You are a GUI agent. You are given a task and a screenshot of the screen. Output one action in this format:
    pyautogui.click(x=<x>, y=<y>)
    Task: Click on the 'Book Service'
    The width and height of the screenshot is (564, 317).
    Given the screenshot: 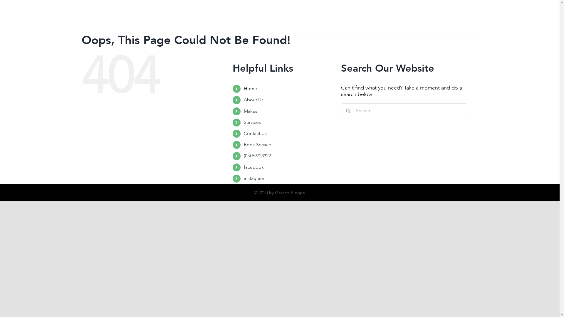 What is the action you would take?
    pyautogui.click(x=257, y=145)
    